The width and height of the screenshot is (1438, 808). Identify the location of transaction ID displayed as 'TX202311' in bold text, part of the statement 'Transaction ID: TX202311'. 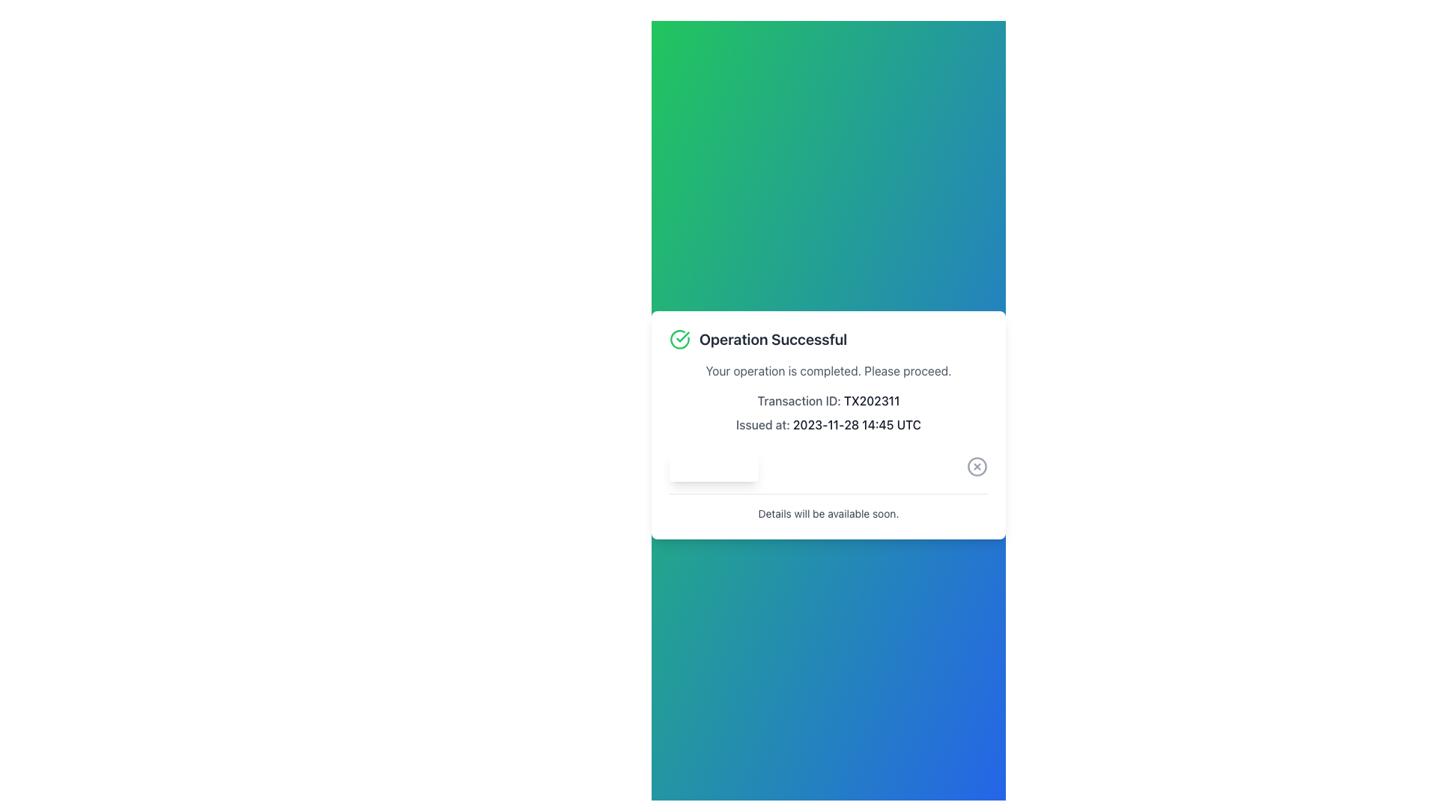
(872, 400).